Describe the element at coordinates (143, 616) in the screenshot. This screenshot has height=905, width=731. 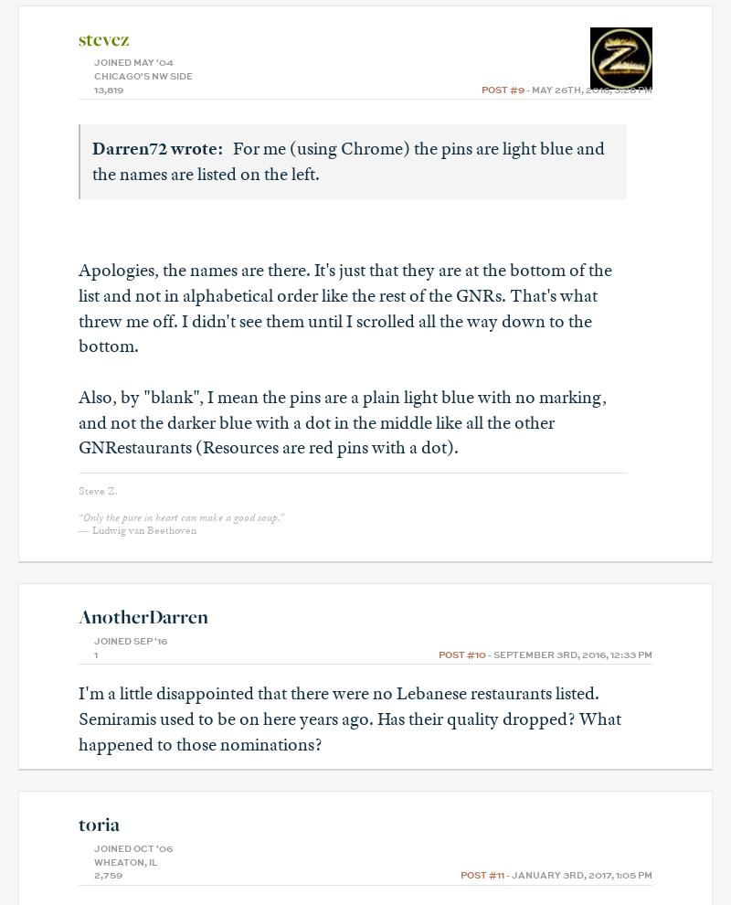
I see `'AnotherDarren'` at that location.